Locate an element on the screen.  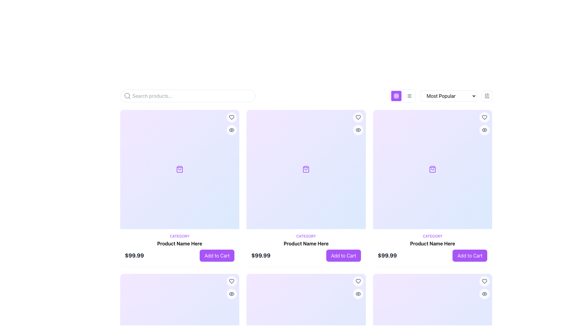
the favorite button located in the top-right corner of the card layout in the fourth column and second row of the product listing grid to change the icon color is located at coordinates (485, 281).